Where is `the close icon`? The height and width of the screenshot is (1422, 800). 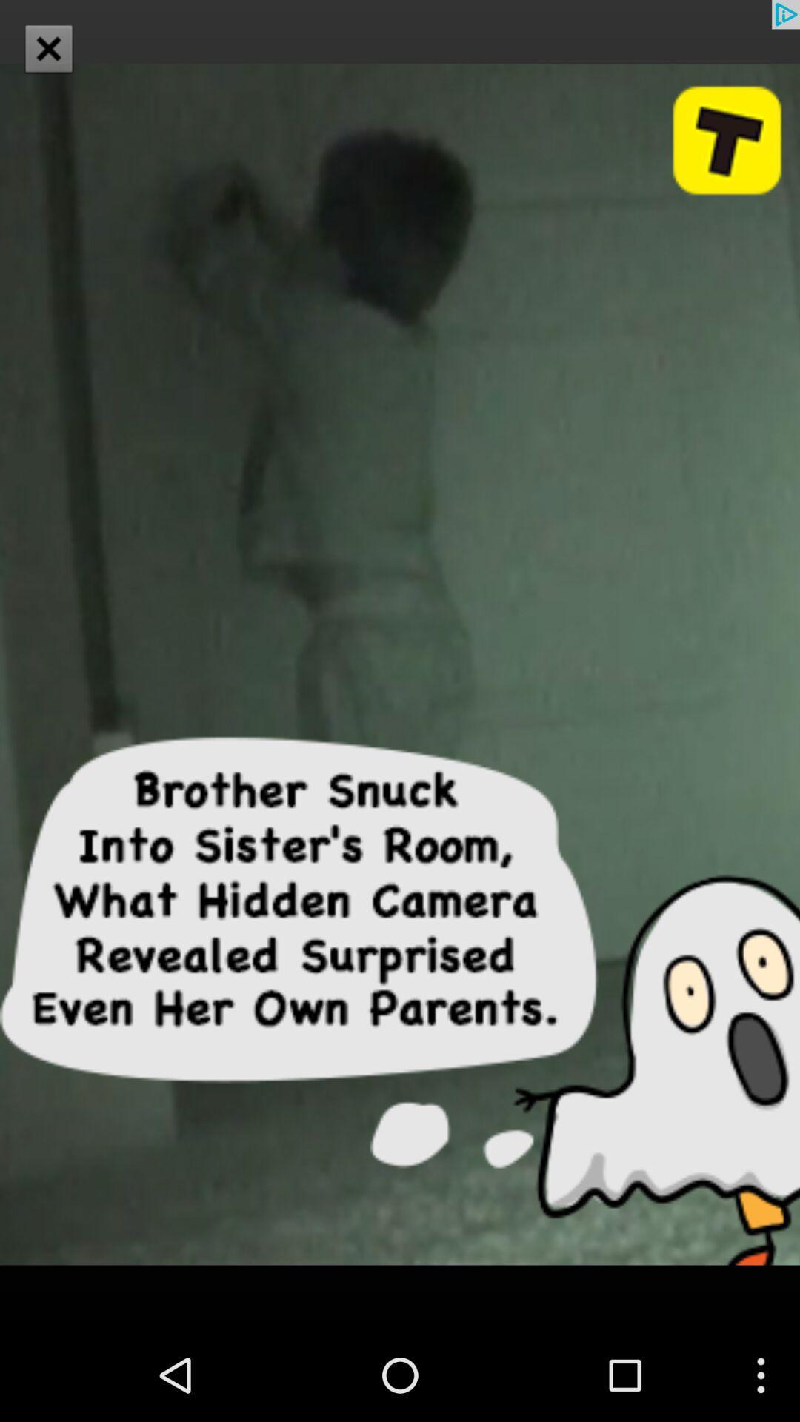
the close icon is located at coordinates (47, 52).